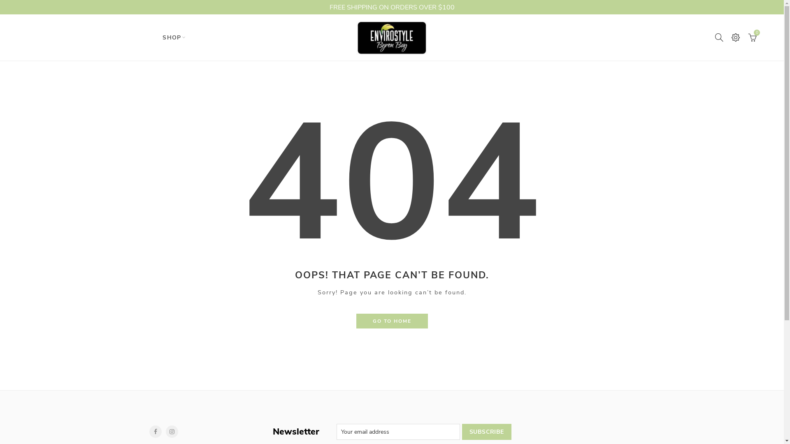 This screenshot has height=444, width=790. Describe the element at coordinates (0, 7) in the screenshot. I see `'FREE SHIPPING ON ORDERS OVER $100'` at that location.